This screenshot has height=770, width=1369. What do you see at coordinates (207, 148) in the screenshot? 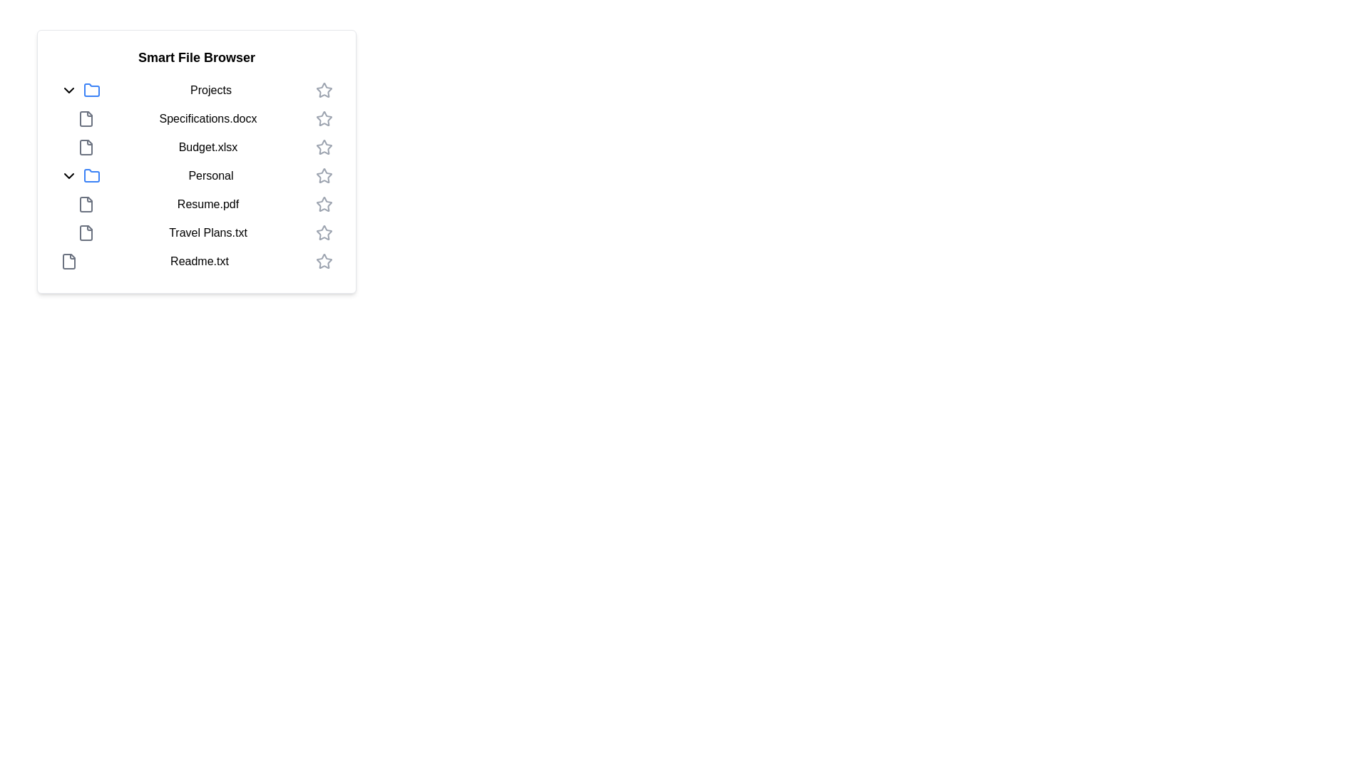
I see `the text label 'Budget.xlsx'` at bounding box center [207, 148].